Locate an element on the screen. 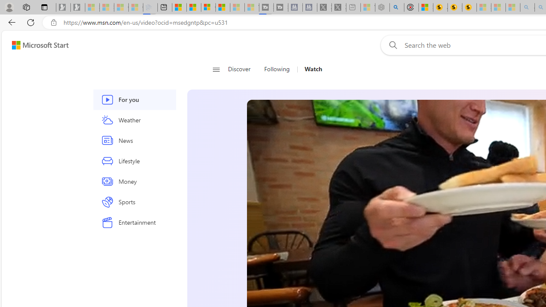 This screenshot has width=546, height=307. 'Following' is located at coordinates (277, 69).